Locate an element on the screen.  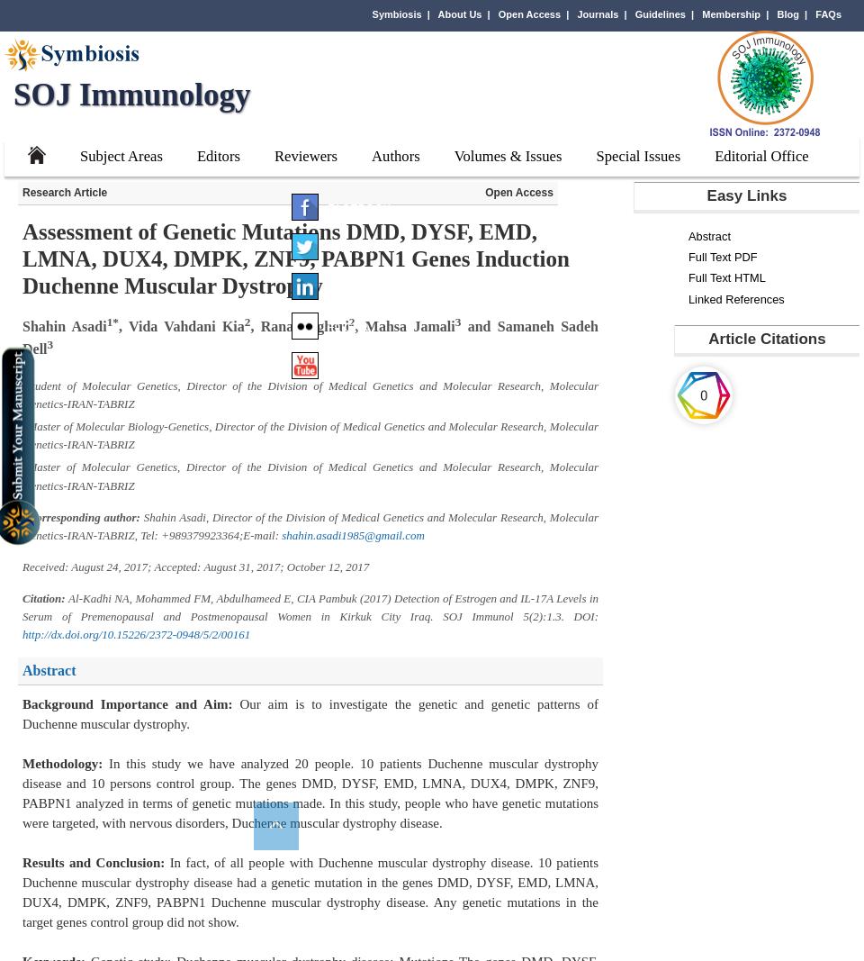
'Al-Kadhi NA, Mohammed FM, Abdulhameed E, CIA Pambuk (2017) Detection of Estrogen and IL-17A Levels in Serum of Premenopausal and Postmenopausal Women in Kirkuk City Iraq. SOJ Immunol 5(2):1.3. DOI:' is located at coordinates (310, 606).